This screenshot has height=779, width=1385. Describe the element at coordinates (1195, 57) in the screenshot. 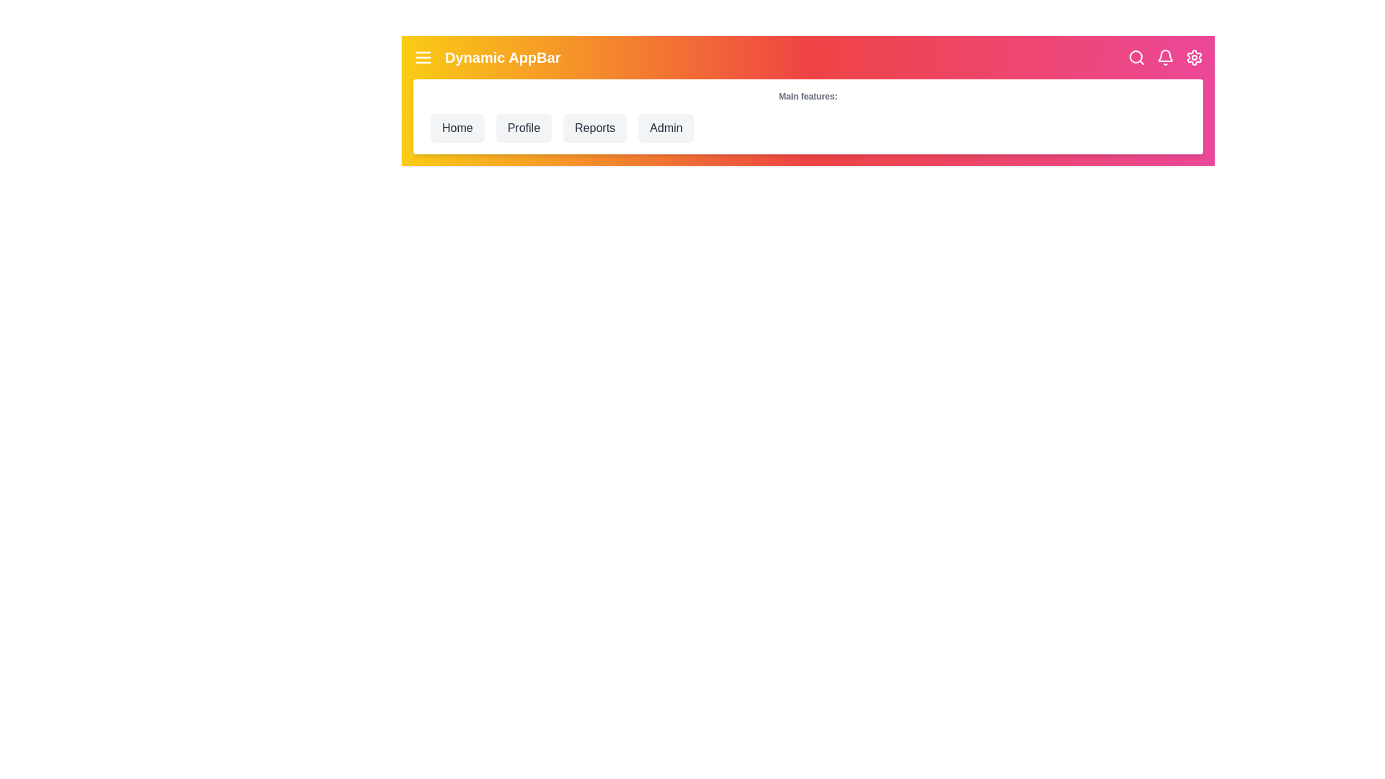

I see `the 'Settings' icon to access settings` at that location.